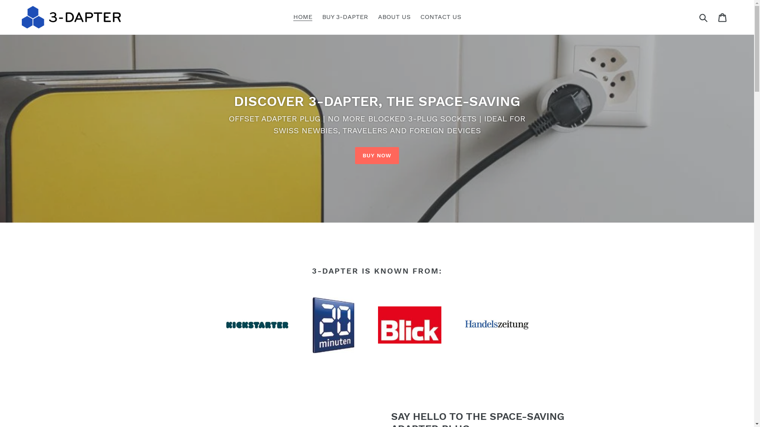 Image resolution: width=760 pixels, height=427 pixels. What do you see at coordinates (440, 17) in the screenshot?
I see `'CONTACT US'` at bounding box center [440, 17].